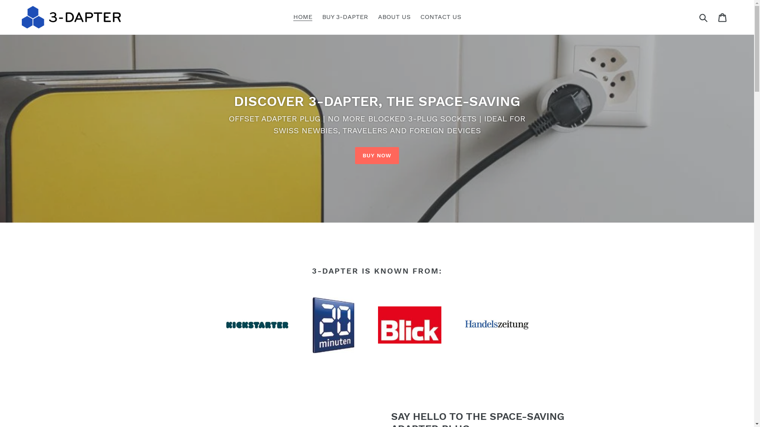 Image resolution: width=760 pixels, height=427 pixels. What do you see at coordinates (440, 17) in the screenshot?
I see `'CONTACT US'` at bounding box center [440, 17].